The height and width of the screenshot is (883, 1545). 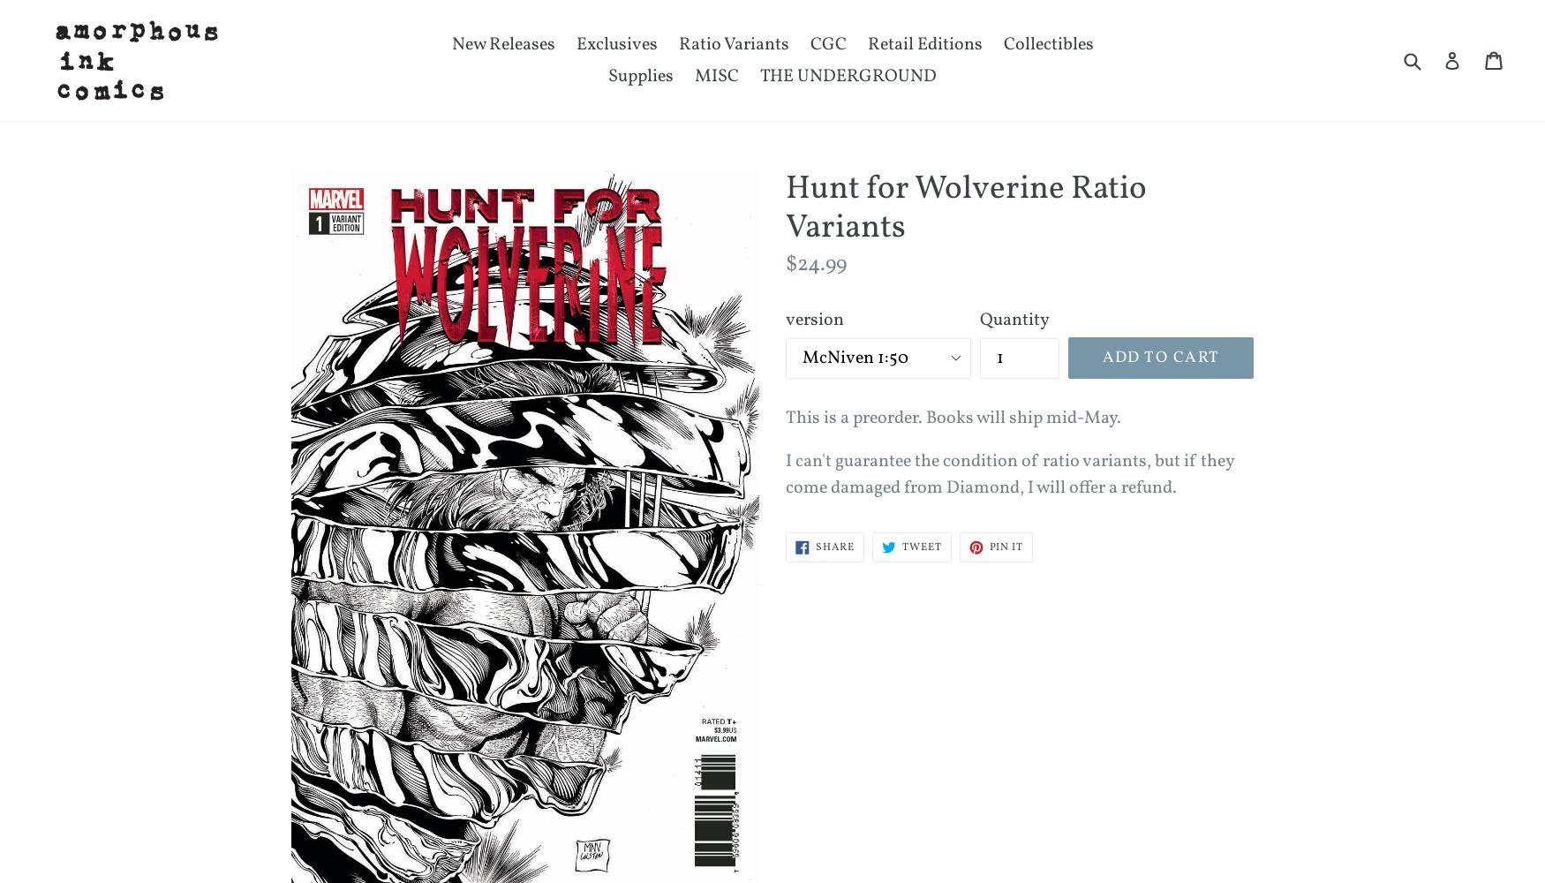 What do you see at coordinates (1005, 547) in the screenshot?
I see `'Pin it'` at bounding box center [1005, 547].